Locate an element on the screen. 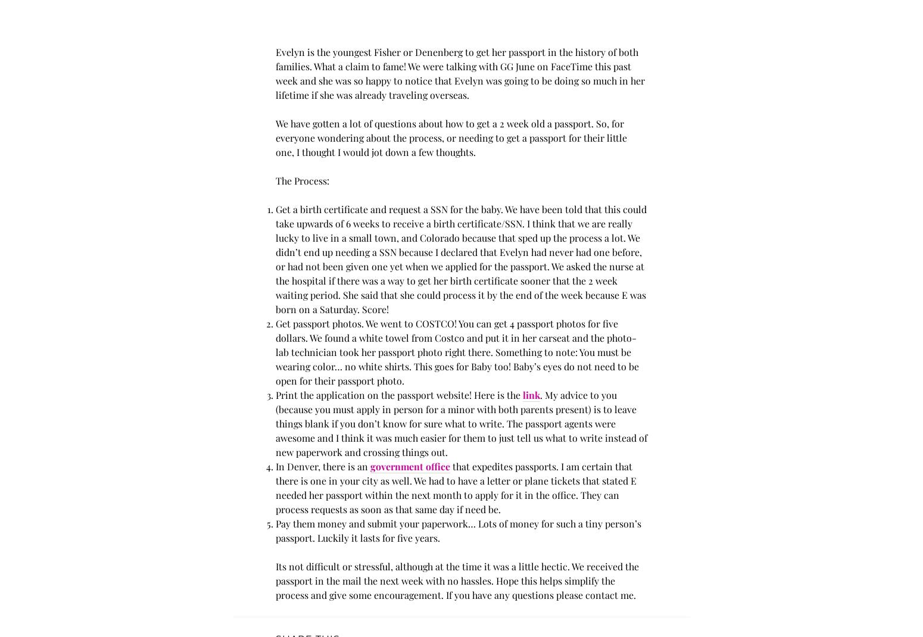 The width and height of the screenshot is (923, 637). 'Get passport photos. We went to COSTCO! You can get 4 passport photos for five dollars. We found a white towel from Costco and put it in her carseat and the photo-lab technician took her passport photo right there. Something to note: You must be wearing color… no white shirts. This goes for Baby too! Baby’s eyes do not need to be open for their passport photo.' is located at coordinates (457, 351).